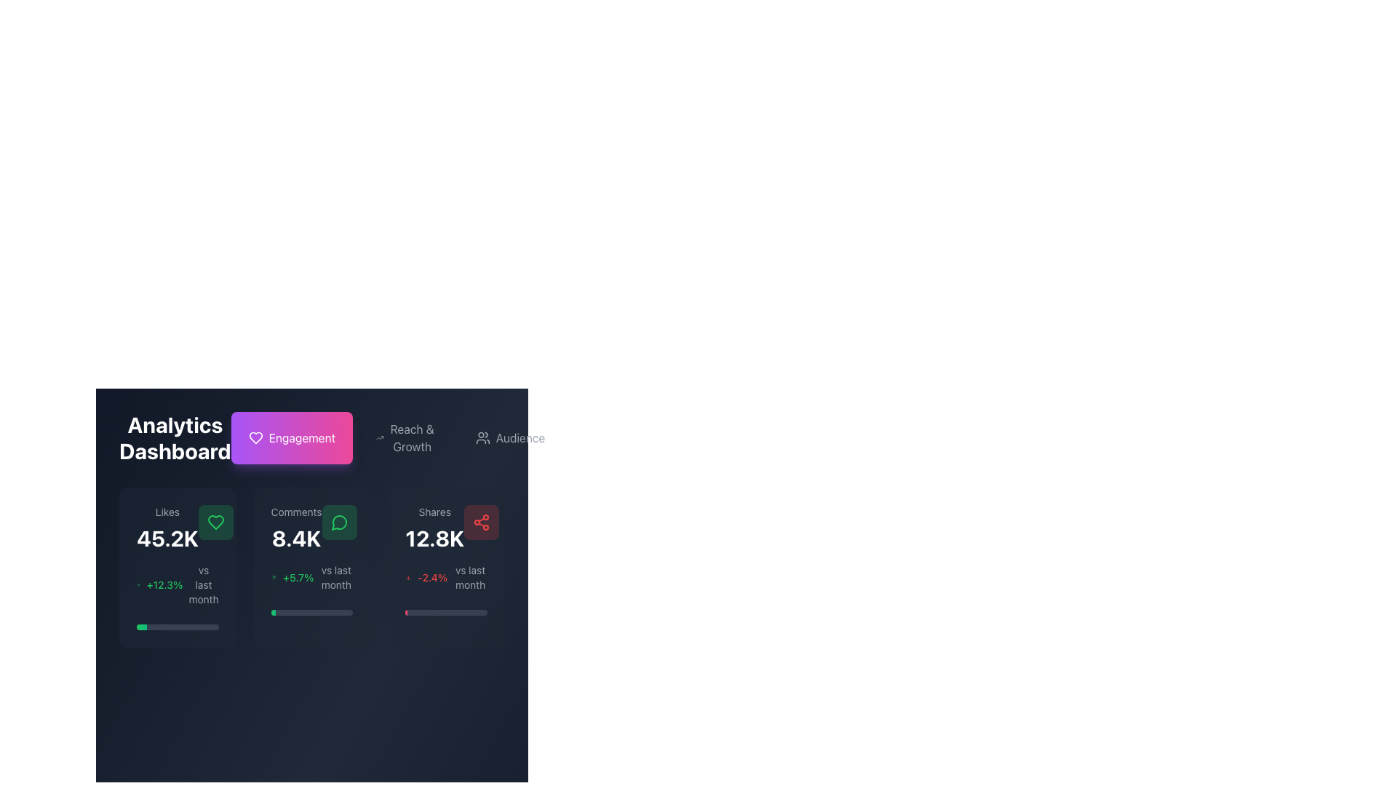 This screenshot has height=786, width=1397. What do you see at coordinates (338, 521) in the screenshot?
I see `the comments icon button located in the 'Comments' section, which is visually enhanced and positioned near the numerical indicator '8.4K', aligning with the 'Comments' label and below the 'Engagement' tab` at bounding box center [338, 521].